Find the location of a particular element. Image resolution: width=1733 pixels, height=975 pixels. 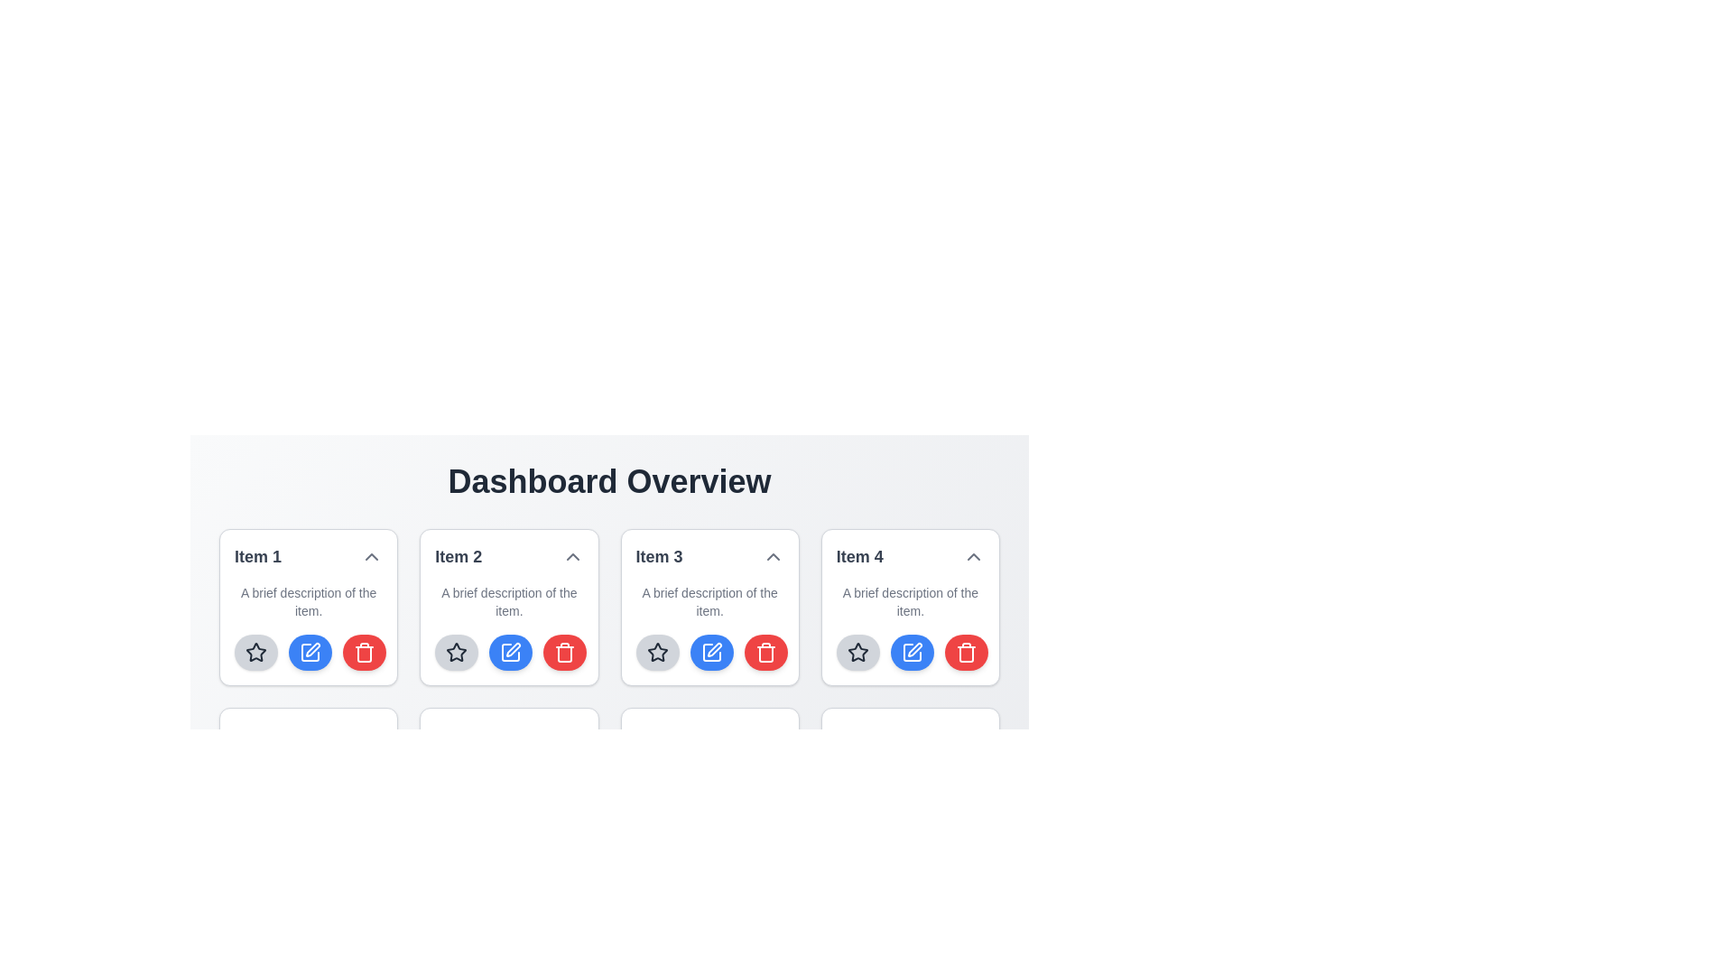

the Edit Icon Button located in the center of the settings icons beneath the card labeled 'Item 2' to invoke the editing functionality is located at coordinates (310, 652).